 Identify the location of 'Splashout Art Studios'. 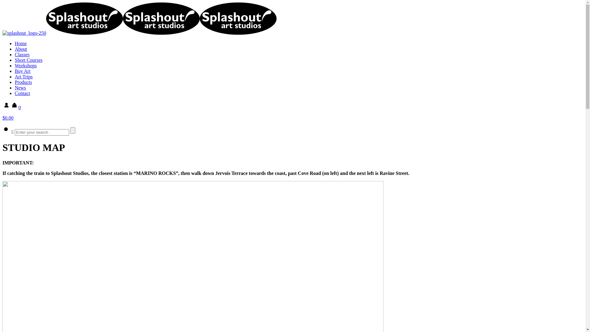
(139, 33).